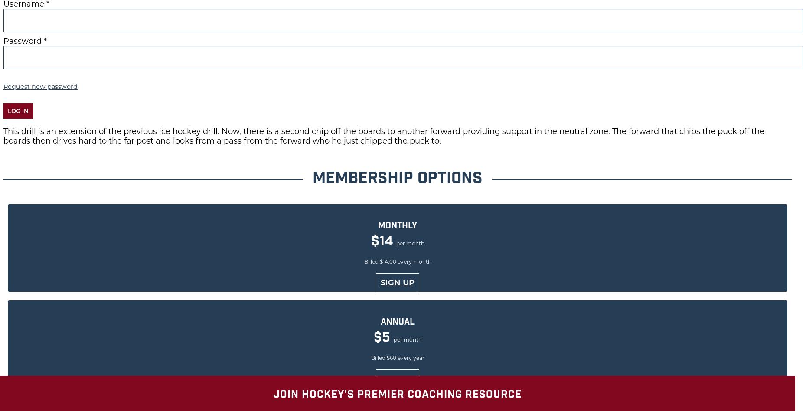 This screenshot has width=803, height=411. Describe the element at coordinates (397, 395) in the screenshot. I see `'Join Hockey's Premier Coaching Resource'` at that location.